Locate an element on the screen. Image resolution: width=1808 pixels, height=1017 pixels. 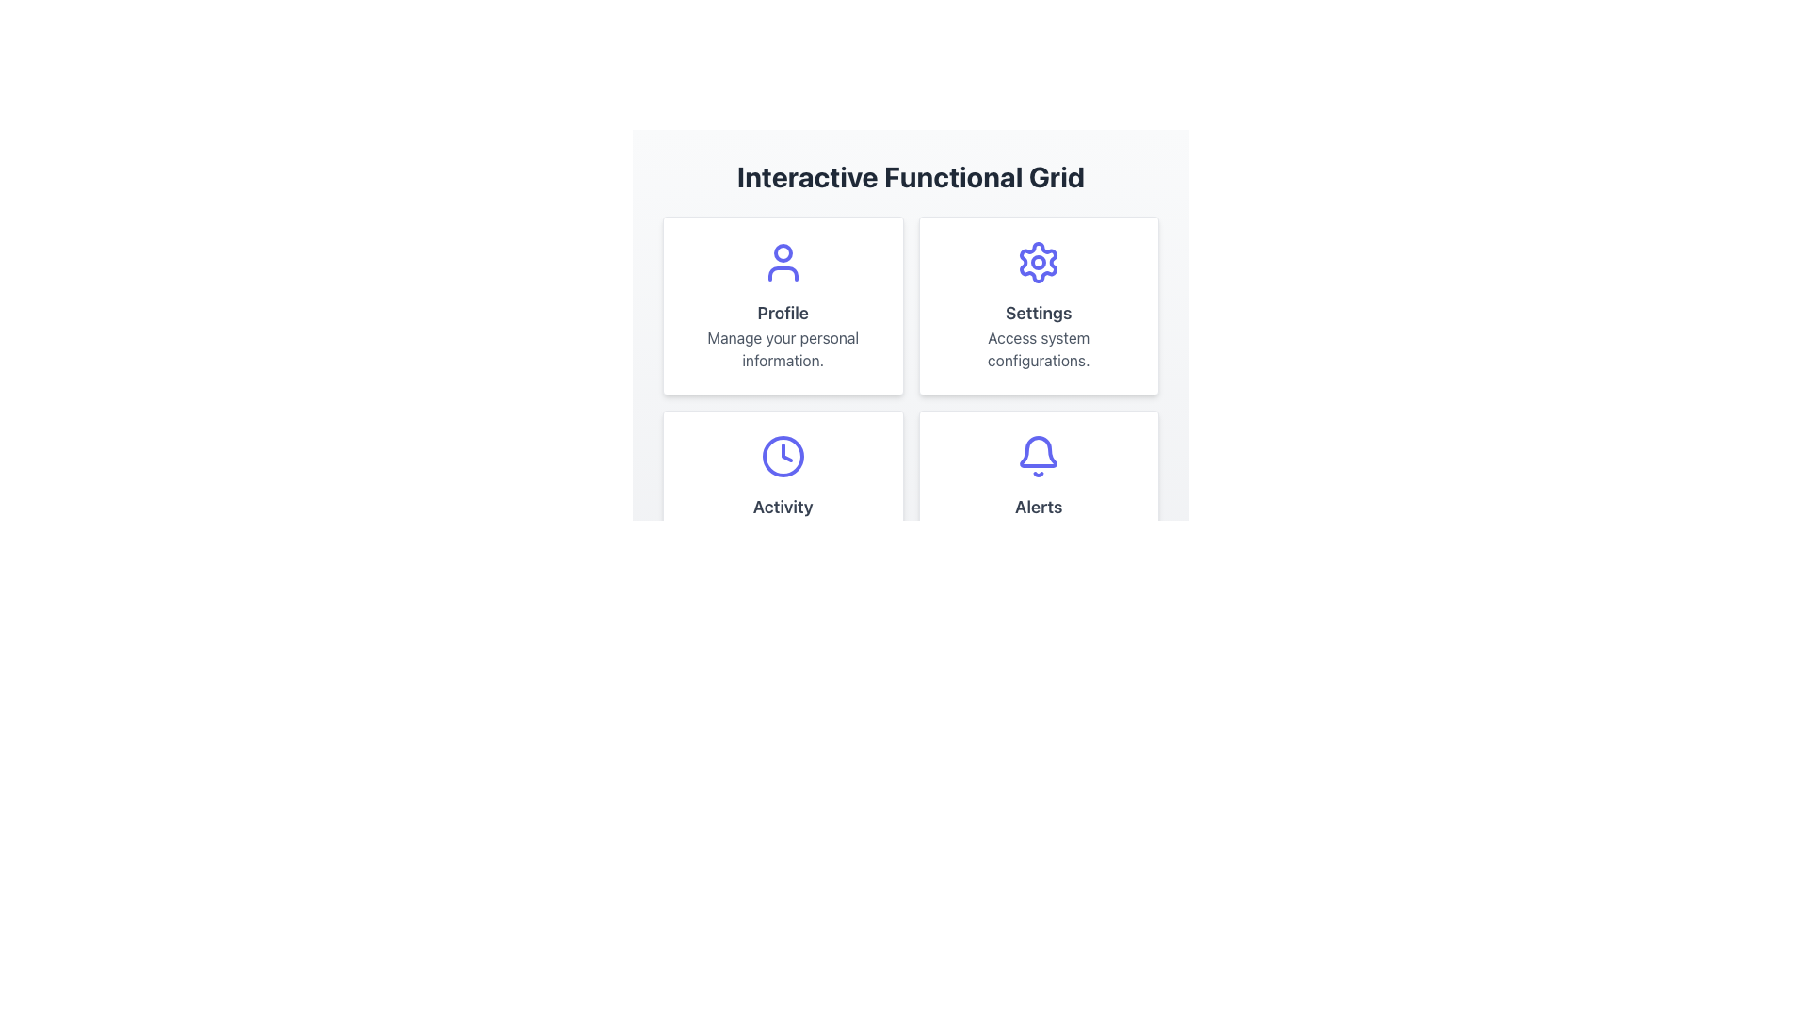
the purple bell-shaped icon located in the 'Alerts' section of the 'Interactive Functional Grid' interface is located at coordinates (1038, 457).